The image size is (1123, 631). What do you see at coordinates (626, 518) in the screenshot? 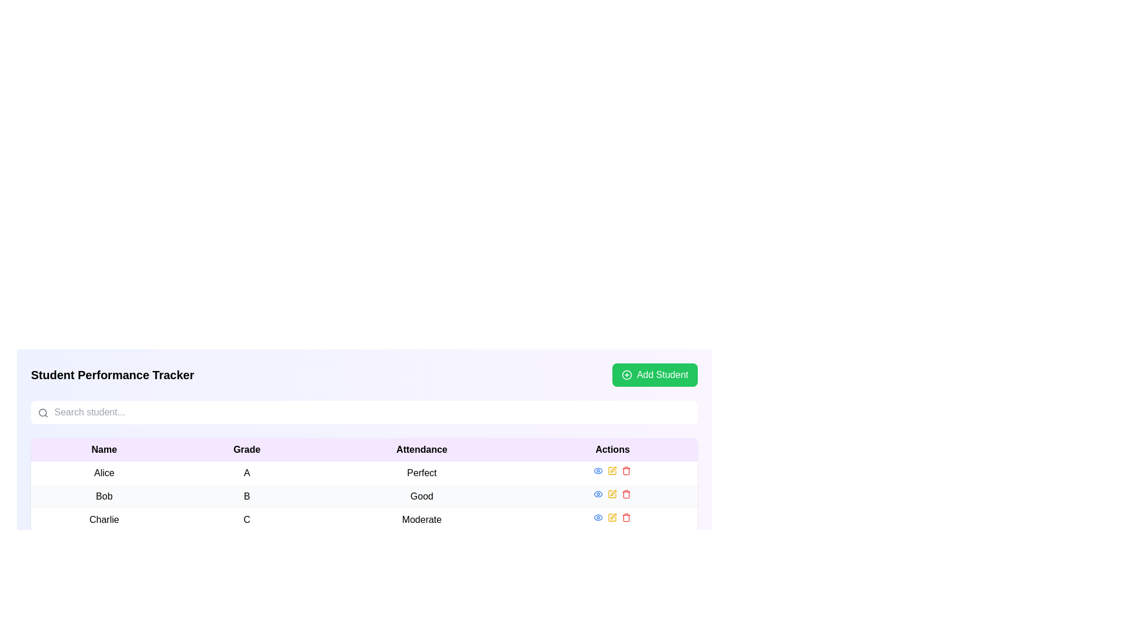
I see `the delete icon (trash can) located in the Actions column of the table, associated with the last row for 'Charlie'` at bounding box center [626, 518].